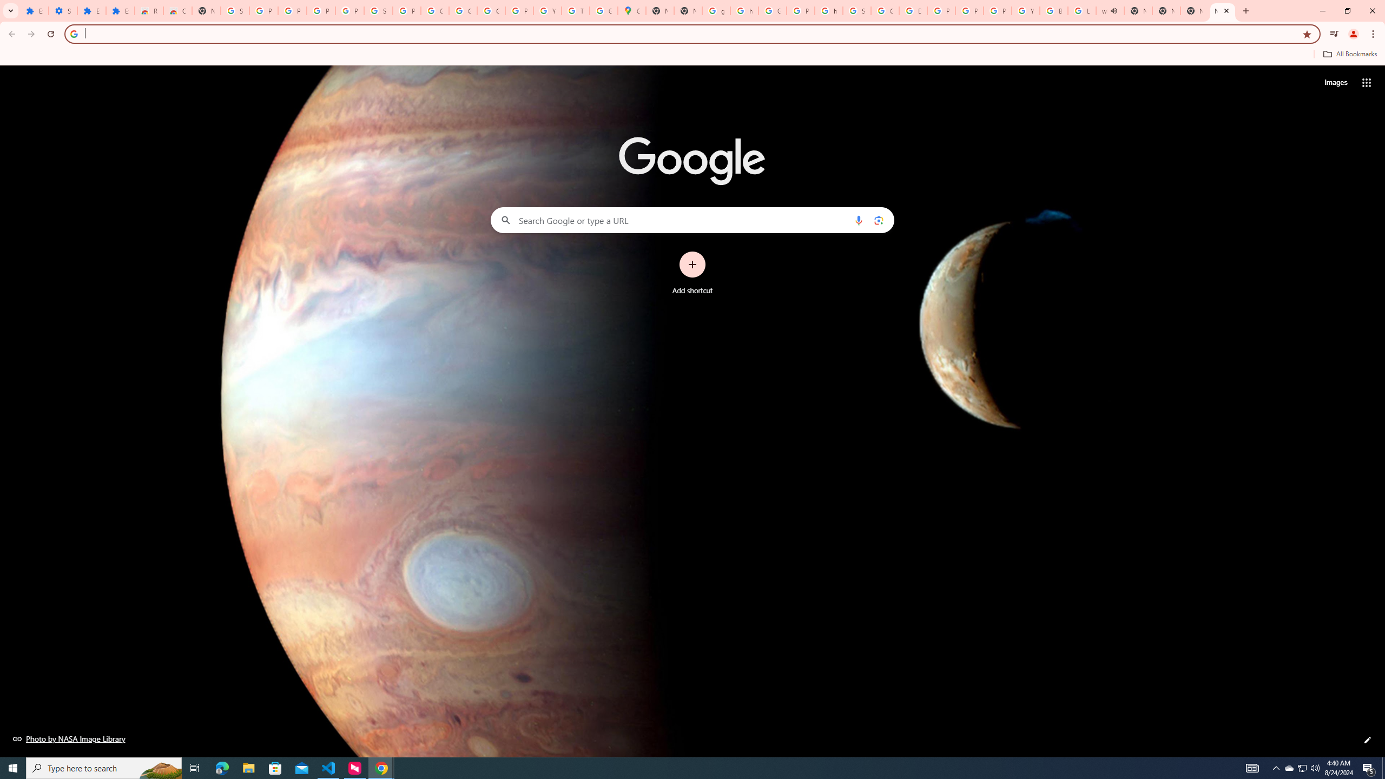  I want to click on 'Extensions', so click(90, 10).